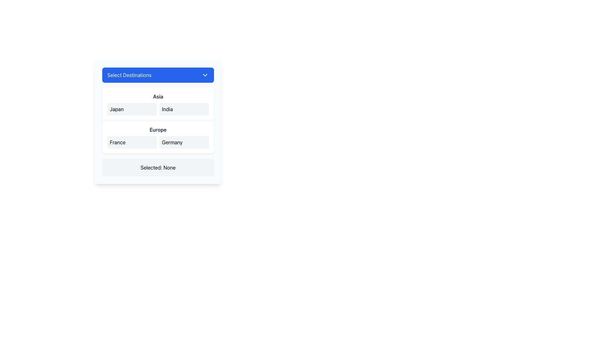 The width and height of the screenshot is (606, 341). What do you see at coordinates (132, 142) in the screenshot?
I see `the selectable option labeled 'France'` at bounding box center [132, 142].